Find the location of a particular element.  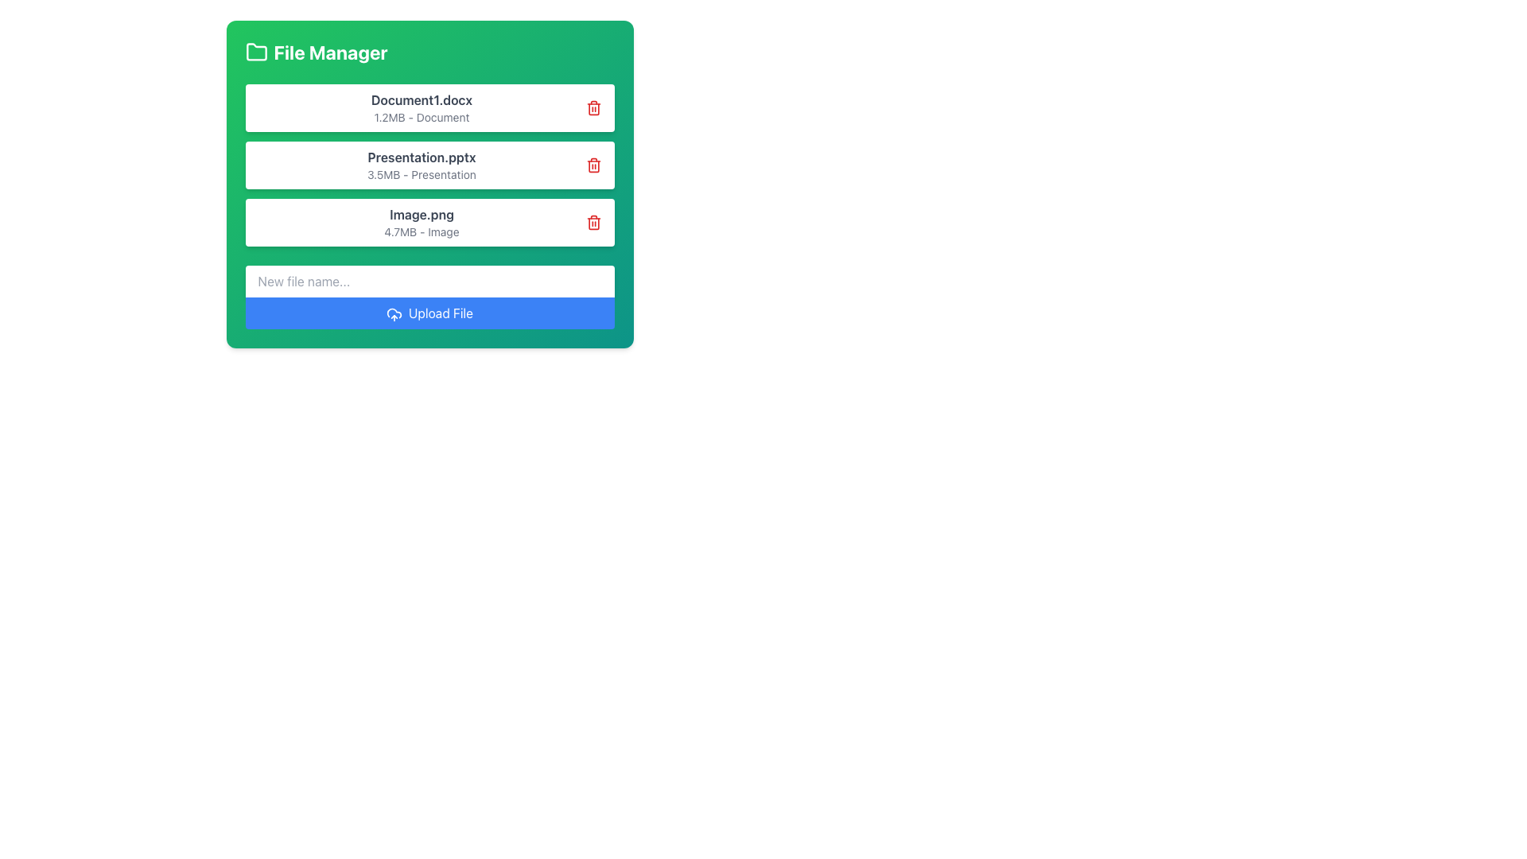

the name label for a file in the file management system located in the third position of the vertical file list, preceding the text '4.7MB - Image' is located at coordinates (422, 215).